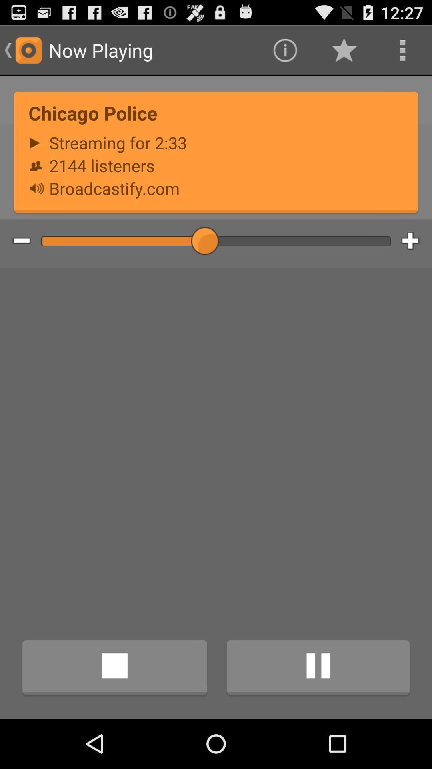 The height and width of the screenshot is (769, 432). I want to click on go do add, so click(416, 241).